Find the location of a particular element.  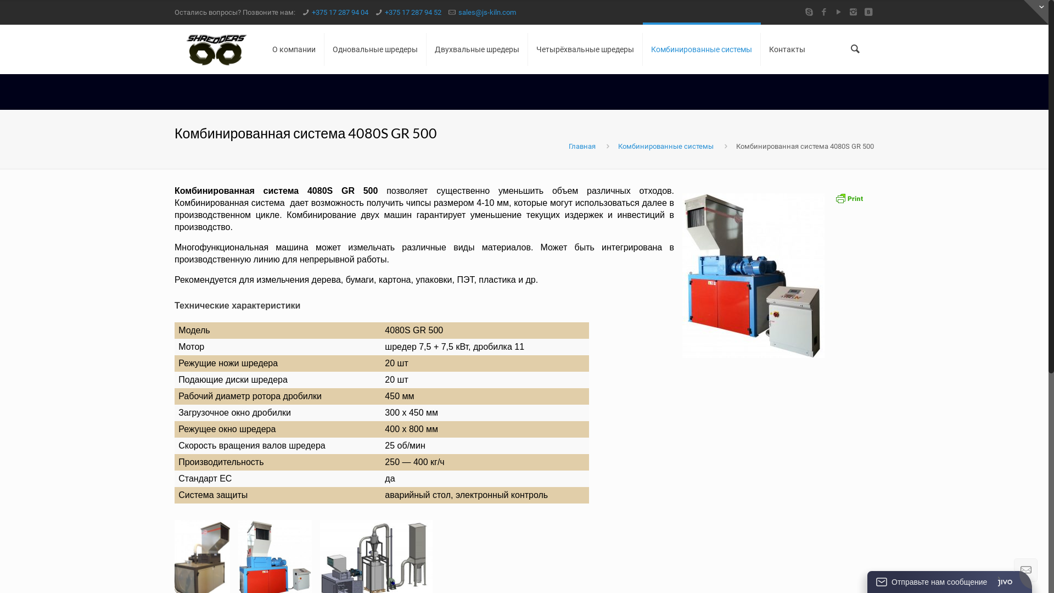

'Shredders.by' is located at coordinates (216, 48).